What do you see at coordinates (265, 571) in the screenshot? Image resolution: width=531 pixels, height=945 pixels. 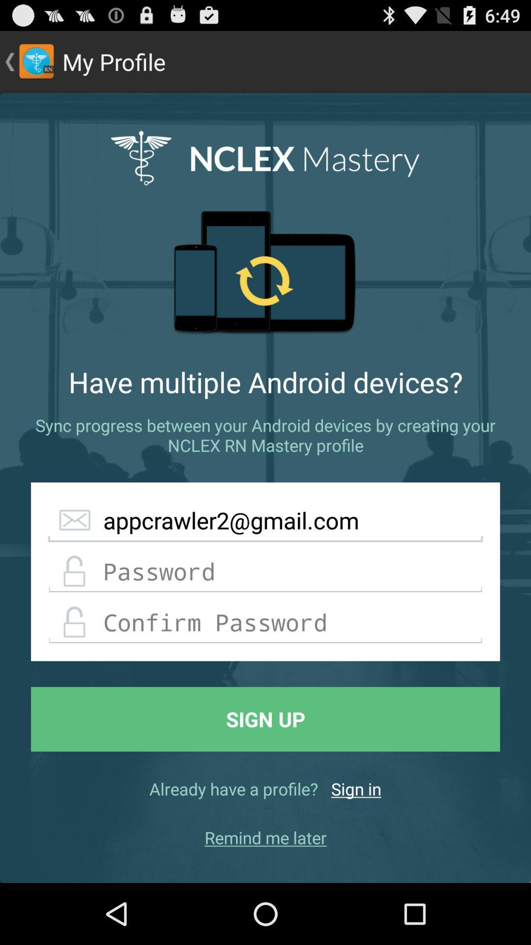 I see `box to enter password` at bounding box center [265, 571].